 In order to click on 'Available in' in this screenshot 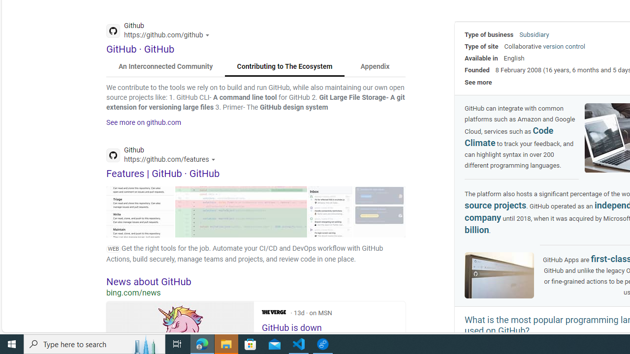, I will do `click(481, 58)`.